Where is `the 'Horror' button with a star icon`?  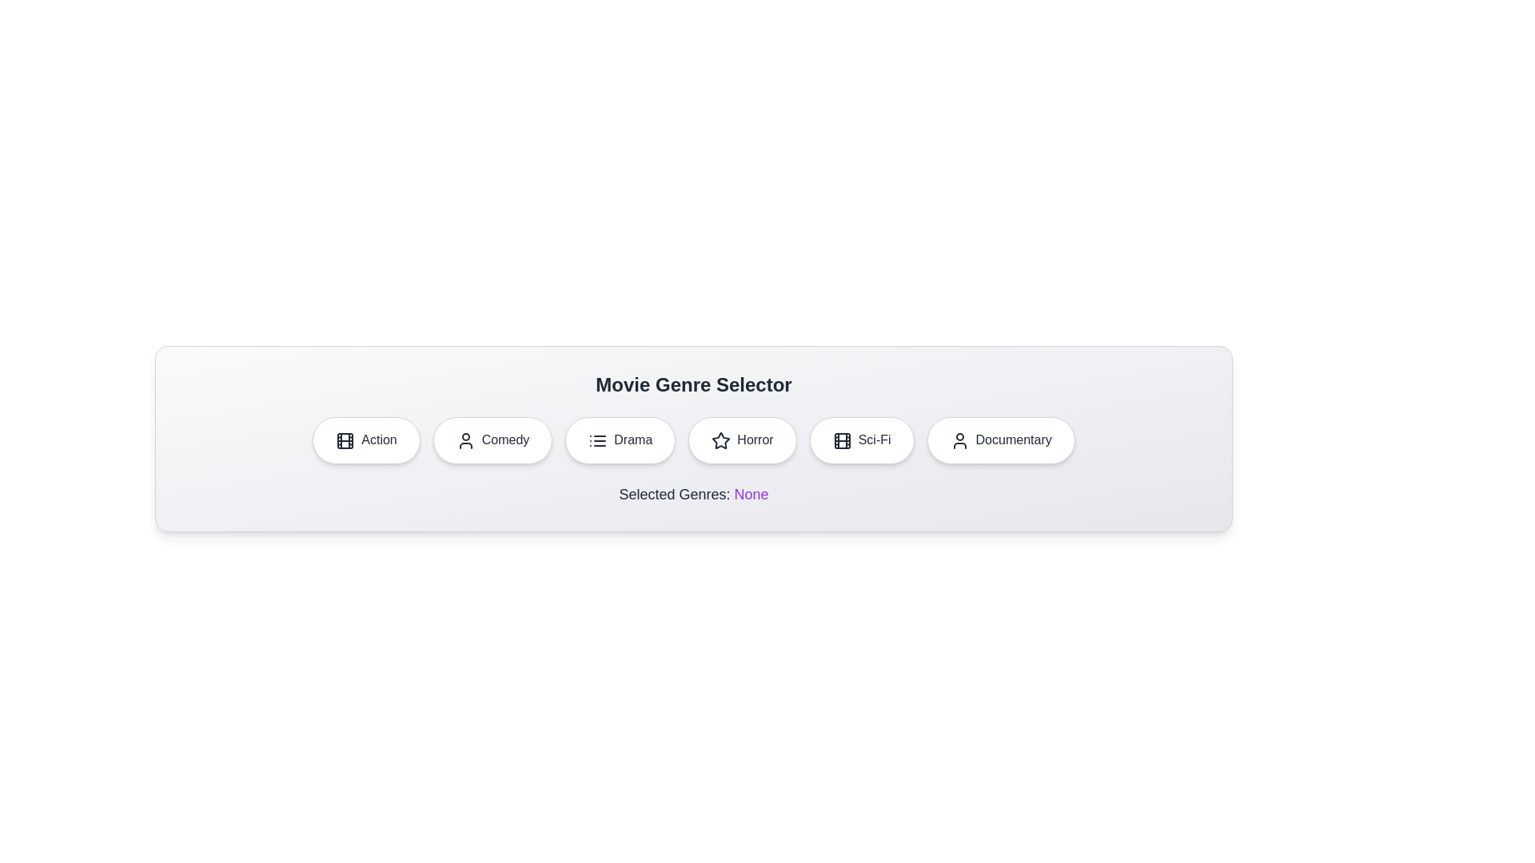
the 'Horror' button with a star icon is located at coordinates (742, 440).